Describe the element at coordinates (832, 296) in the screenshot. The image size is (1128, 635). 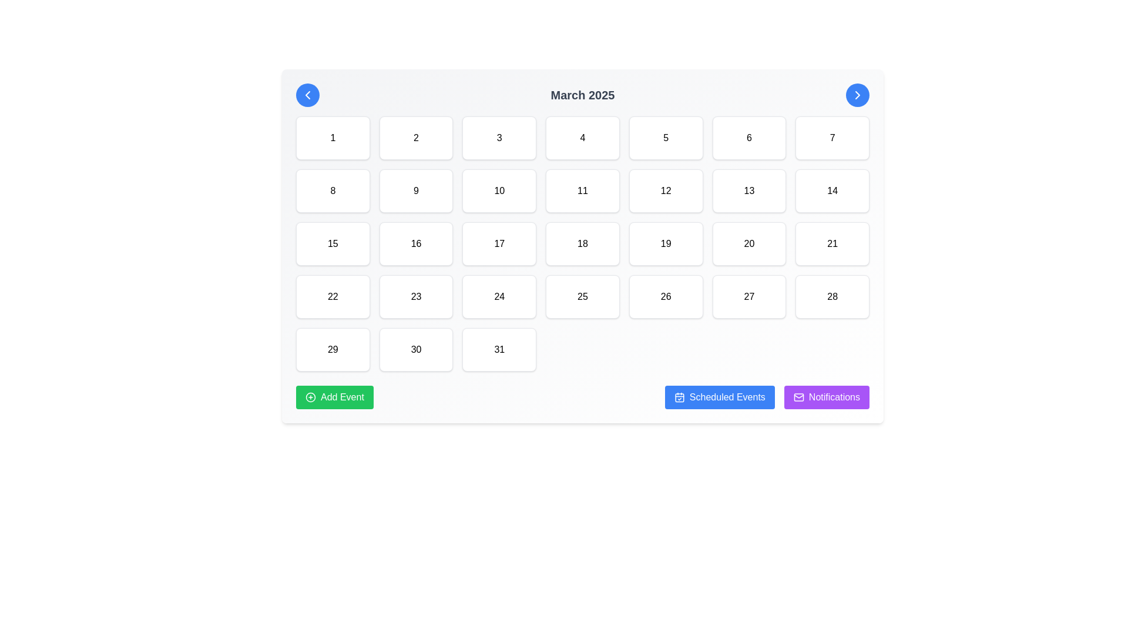
I see `the clickable calendar grid cell representing the 28th day of March 2025` at that location.